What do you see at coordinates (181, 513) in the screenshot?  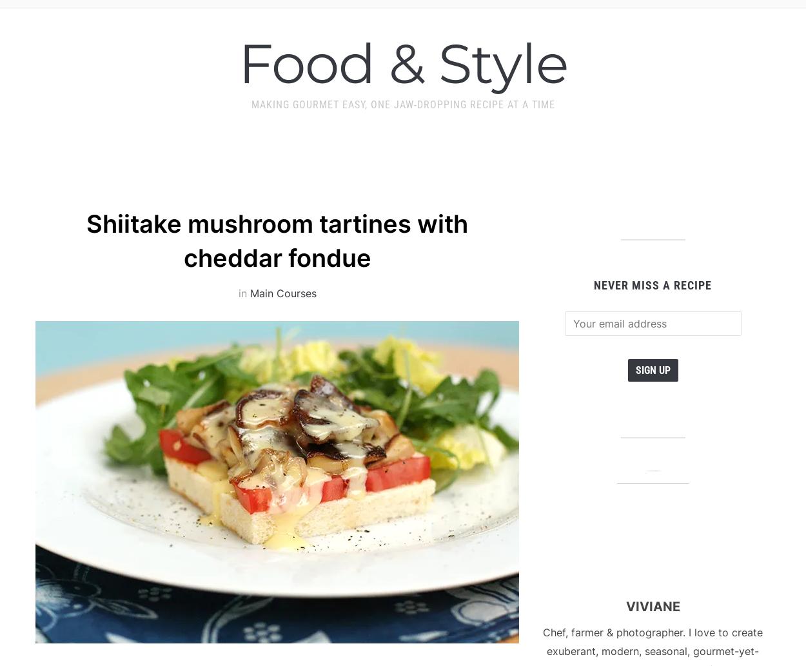 I see `'September 14, 2009 at 11:03 pm'` at bounding box center [181, 513].